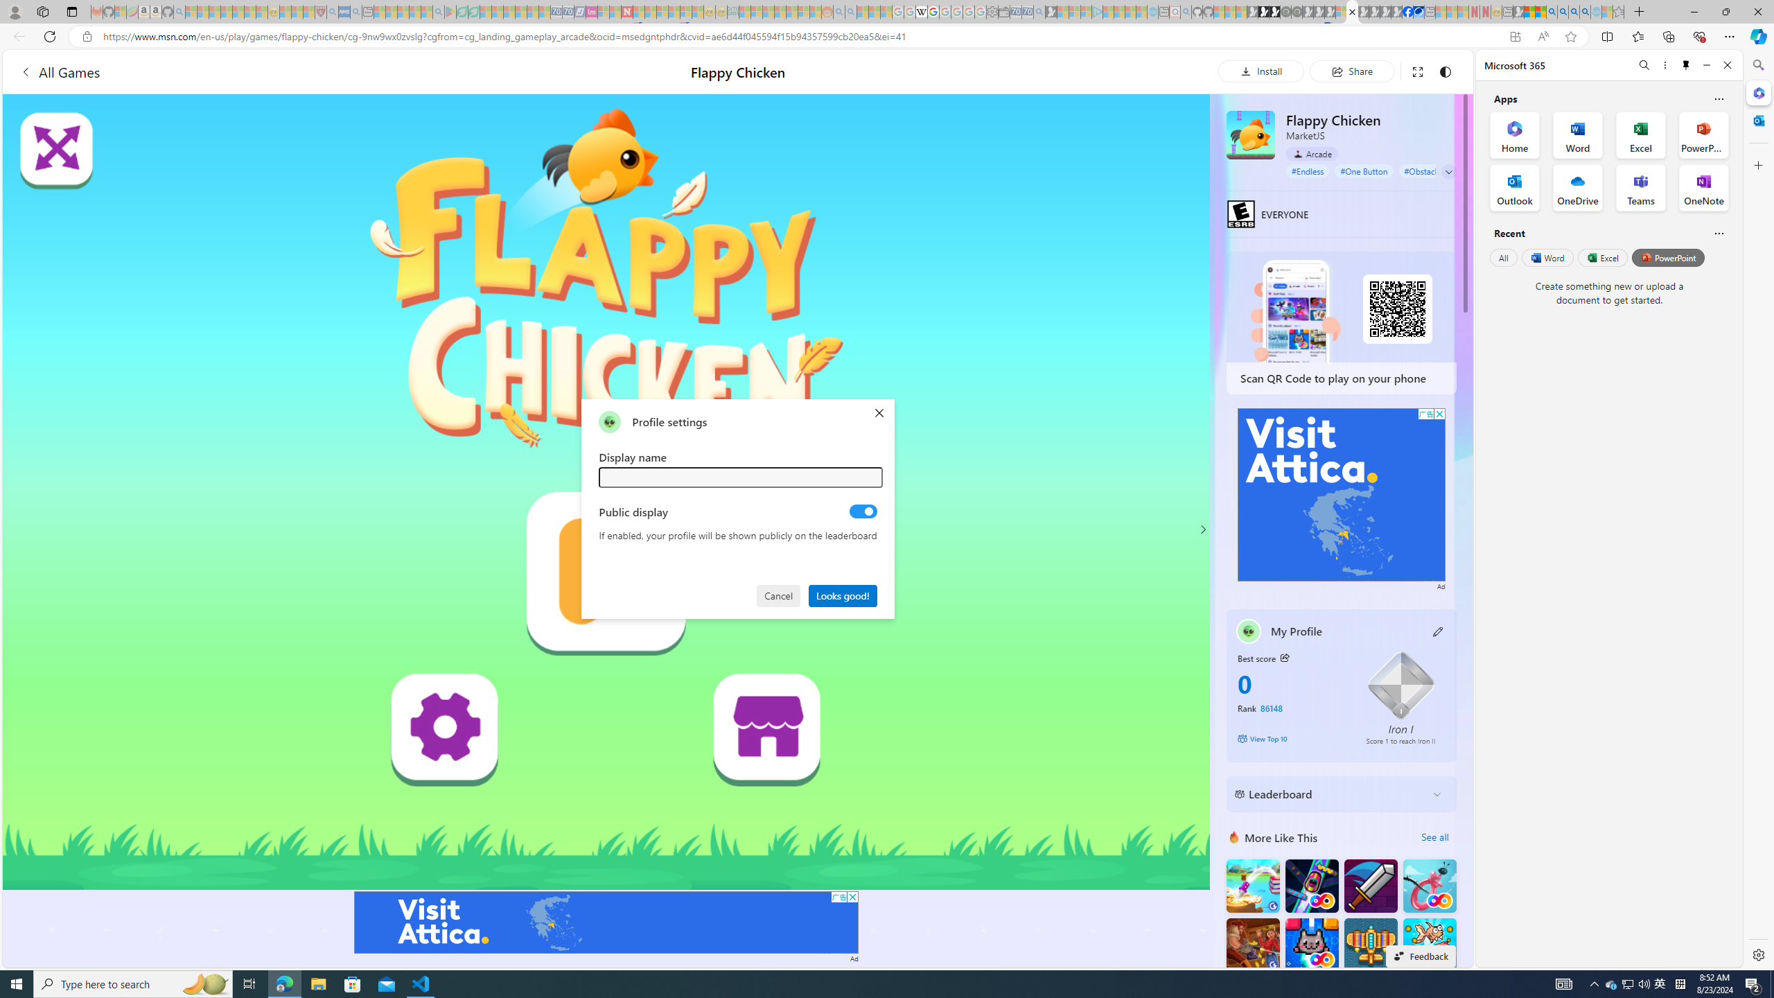 The image size is (1774, 998). What do you see at coordinates (1297, 11) in the screenshot?
I see `'Future Focus Report 2024 - Sleeping'` at bounding box center [1297, 11].